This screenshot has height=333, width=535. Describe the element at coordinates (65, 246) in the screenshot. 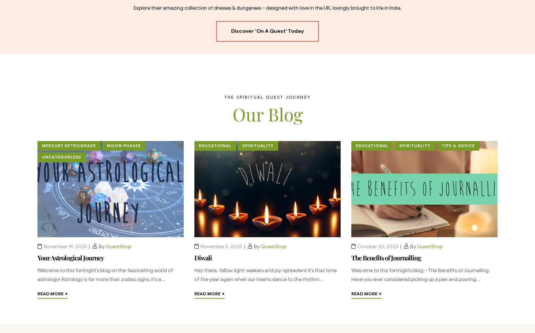

I see `'November 19, 2023'` at that location.